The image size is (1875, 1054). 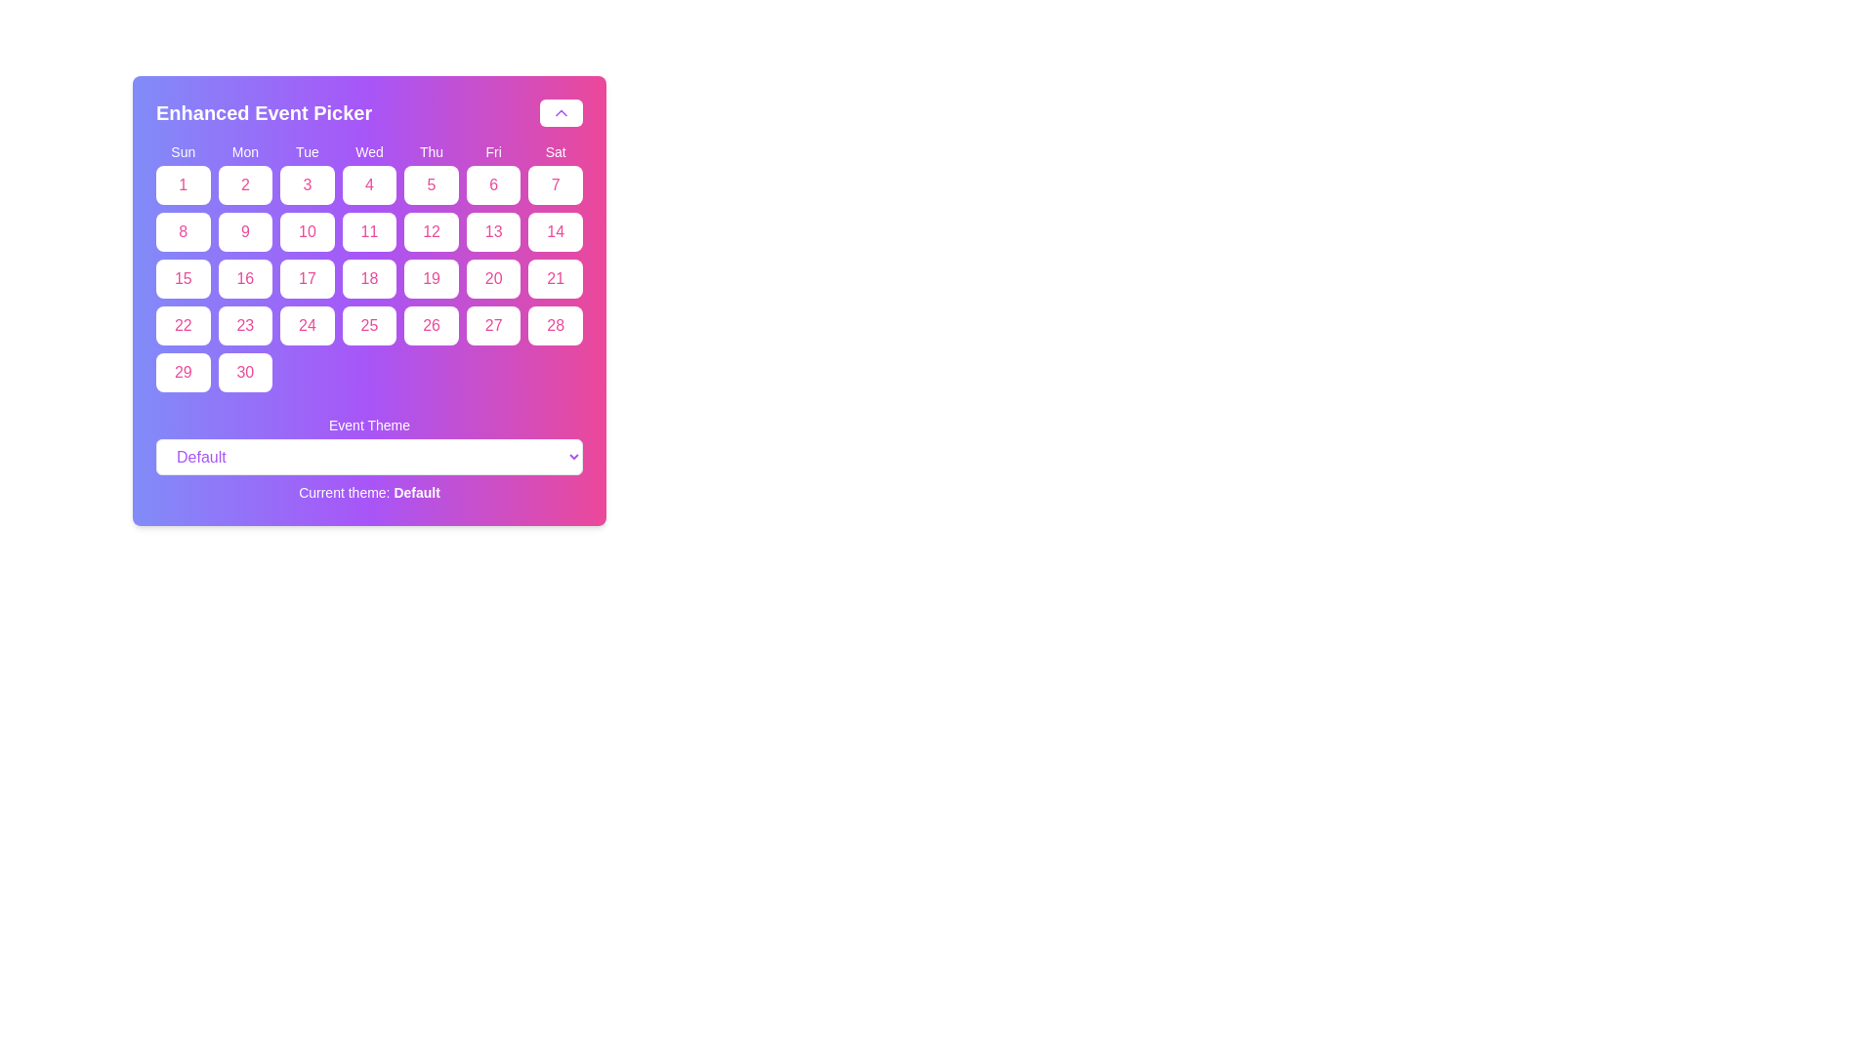 I want to click on text label representing the day 'Monday', which is the second item in a row of seven days in the calendar interface, located near the top of the calendar, directly to the right of 'Sun', so click(x=244, y=150).